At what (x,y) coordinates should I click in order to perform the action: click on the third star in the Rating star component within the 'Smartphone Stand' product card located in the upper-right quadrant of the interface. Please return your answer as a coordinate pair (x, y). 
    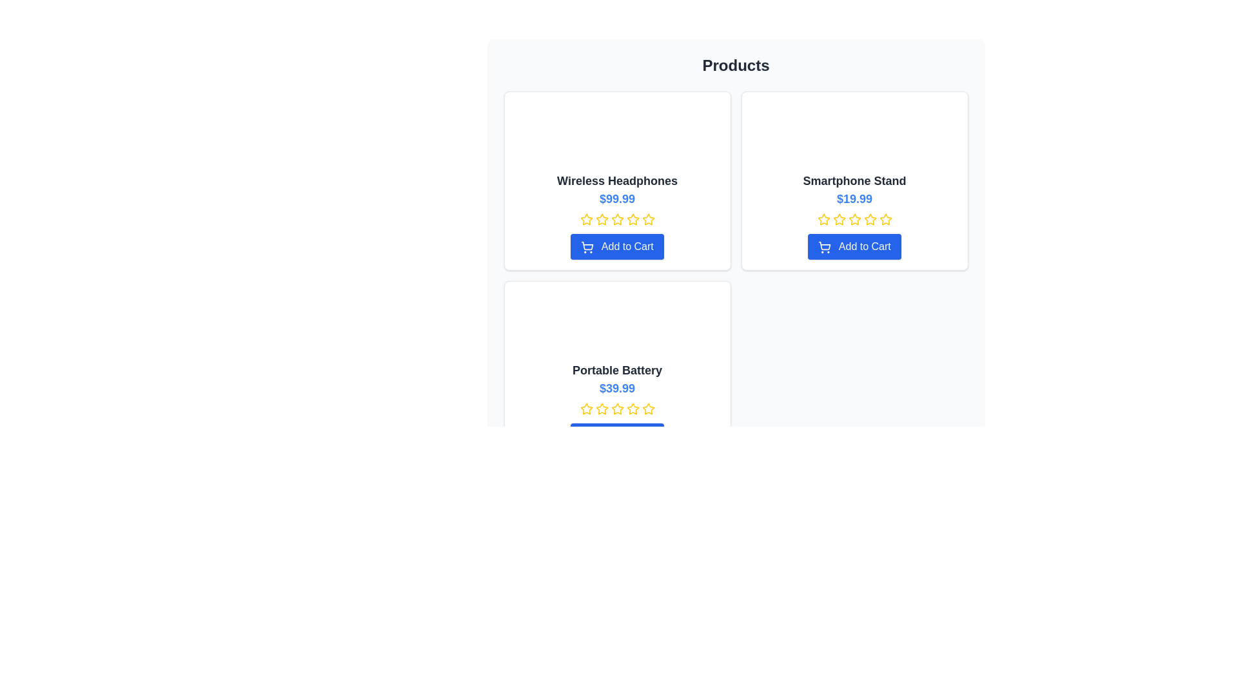
    Looking at the image, I should click on (854, 218).